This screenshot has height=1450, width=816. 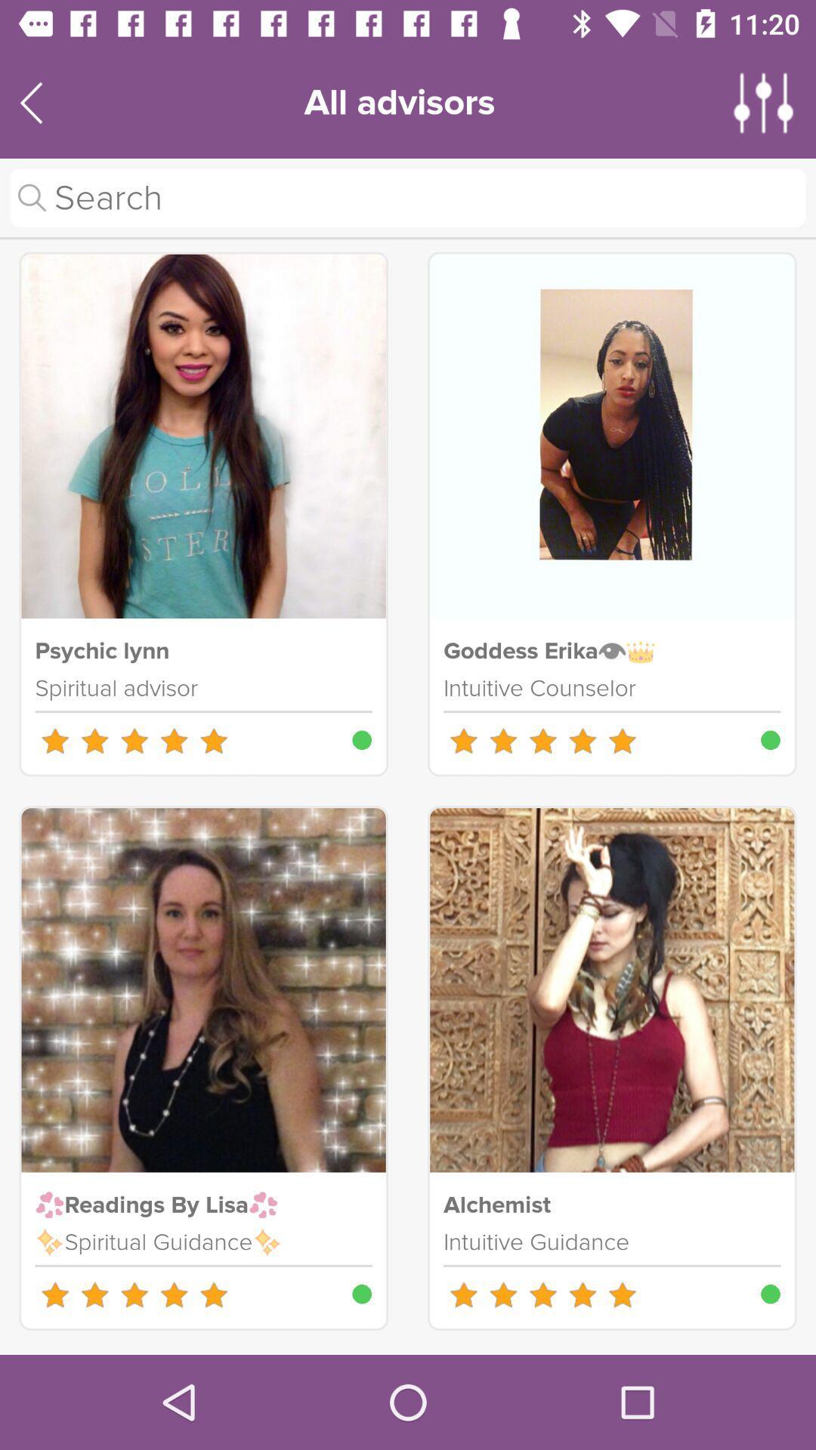 I want to click on the five star rating which is under the last image, so click(x=542, y=1294).